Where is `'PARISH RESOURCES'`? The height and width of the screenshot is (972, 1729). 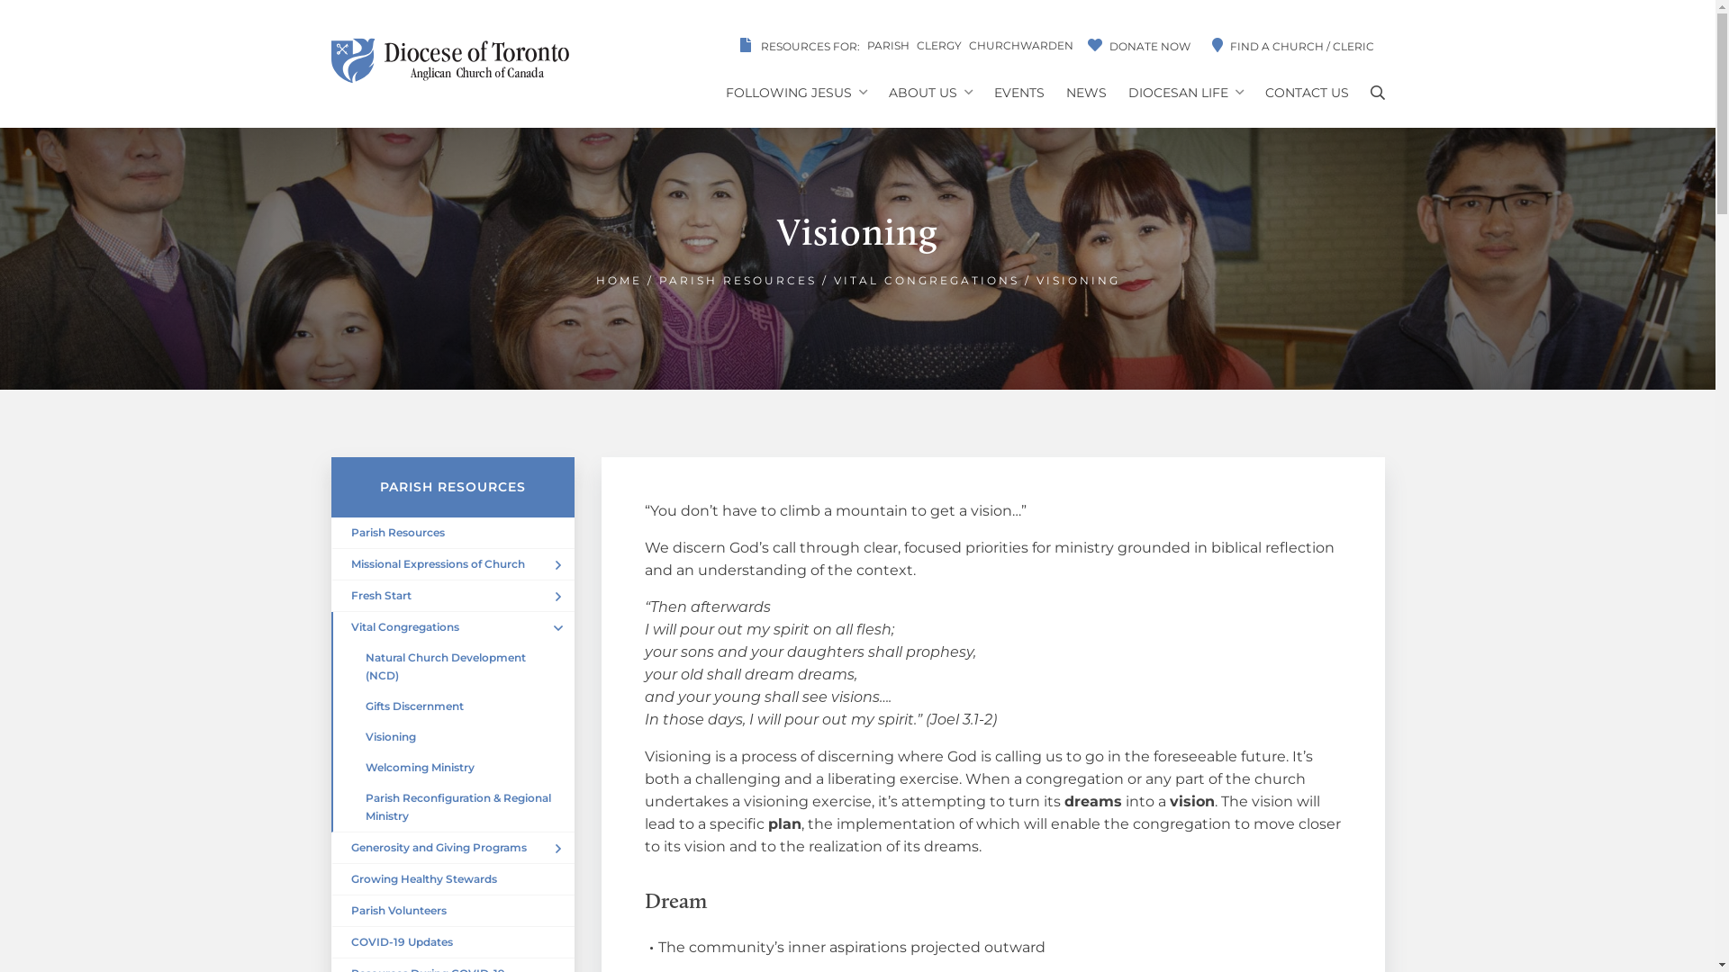 'PARISH RESOURCES' is located at coordinates (738, 280).